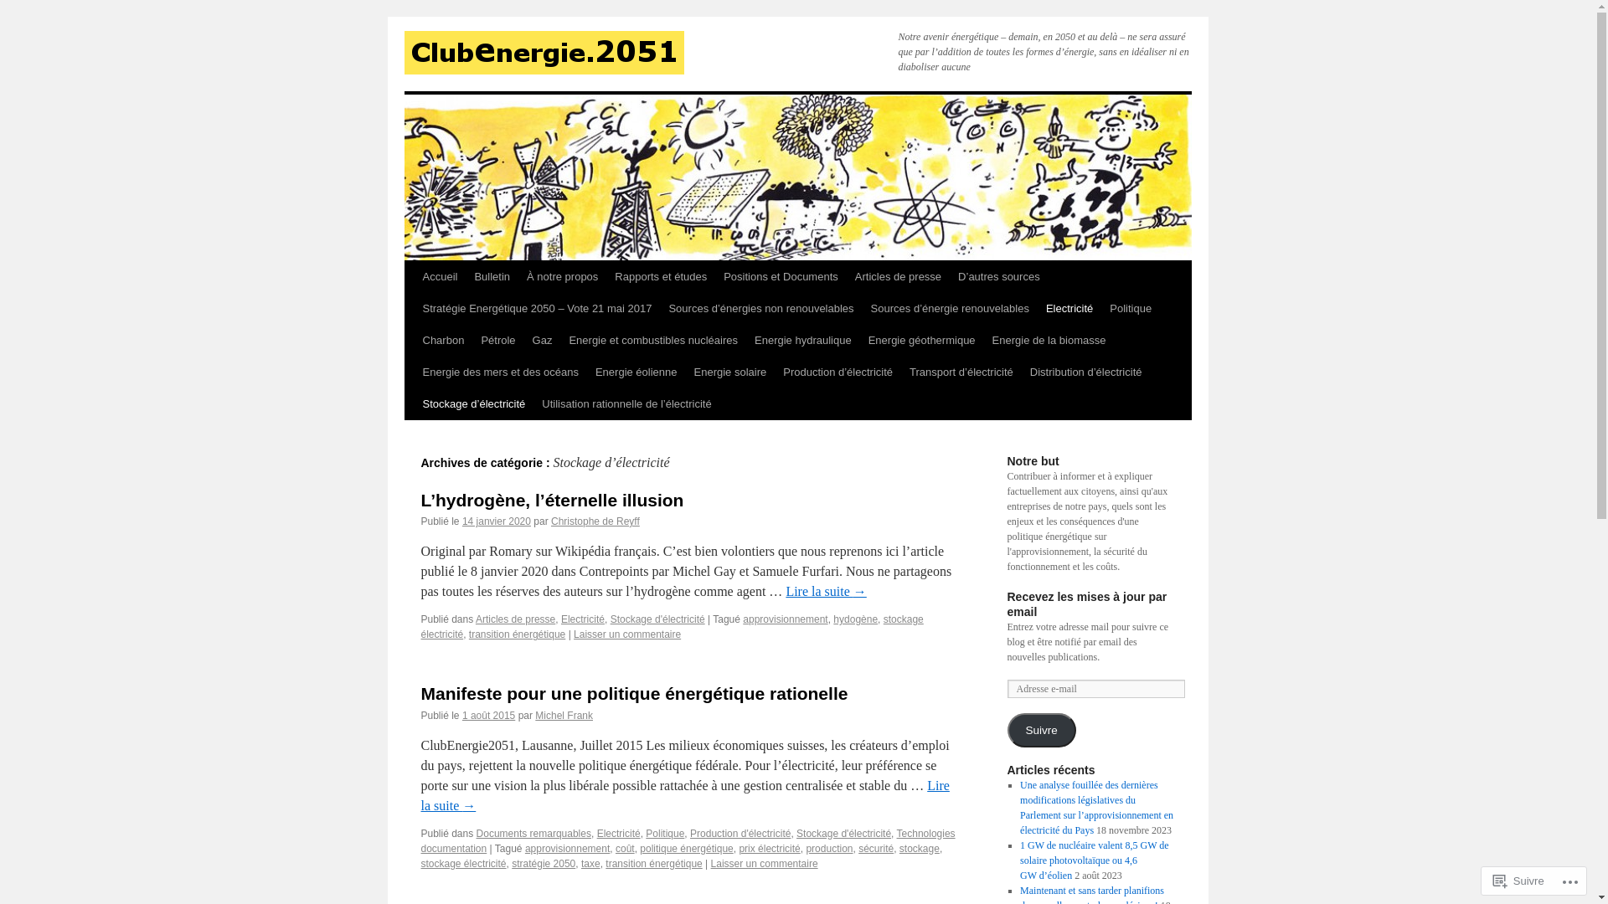 This screenshot has height=904, width=1608. Describe the element at coordinates (780, 276) in the screenshot. I see `'Positions et Documents'` at that location.